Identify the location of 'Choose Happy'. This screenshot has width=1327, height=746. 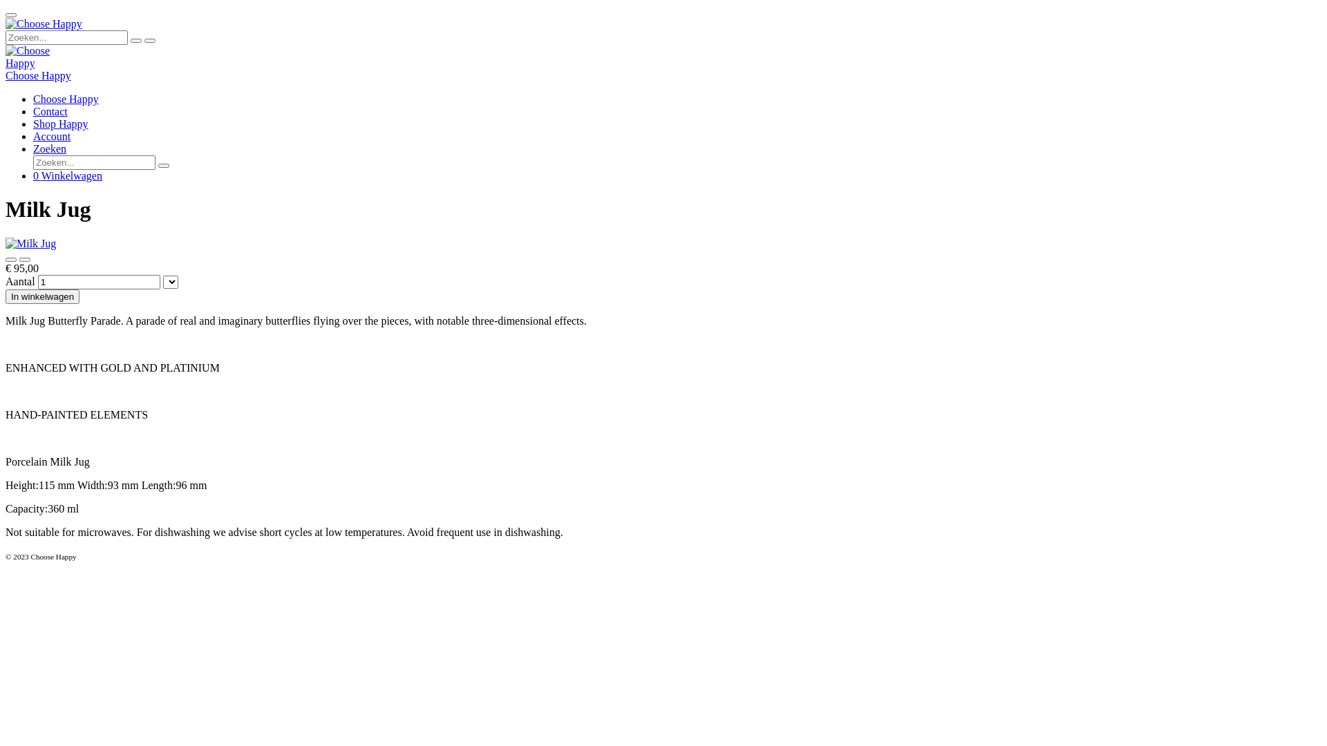
(36, 57).